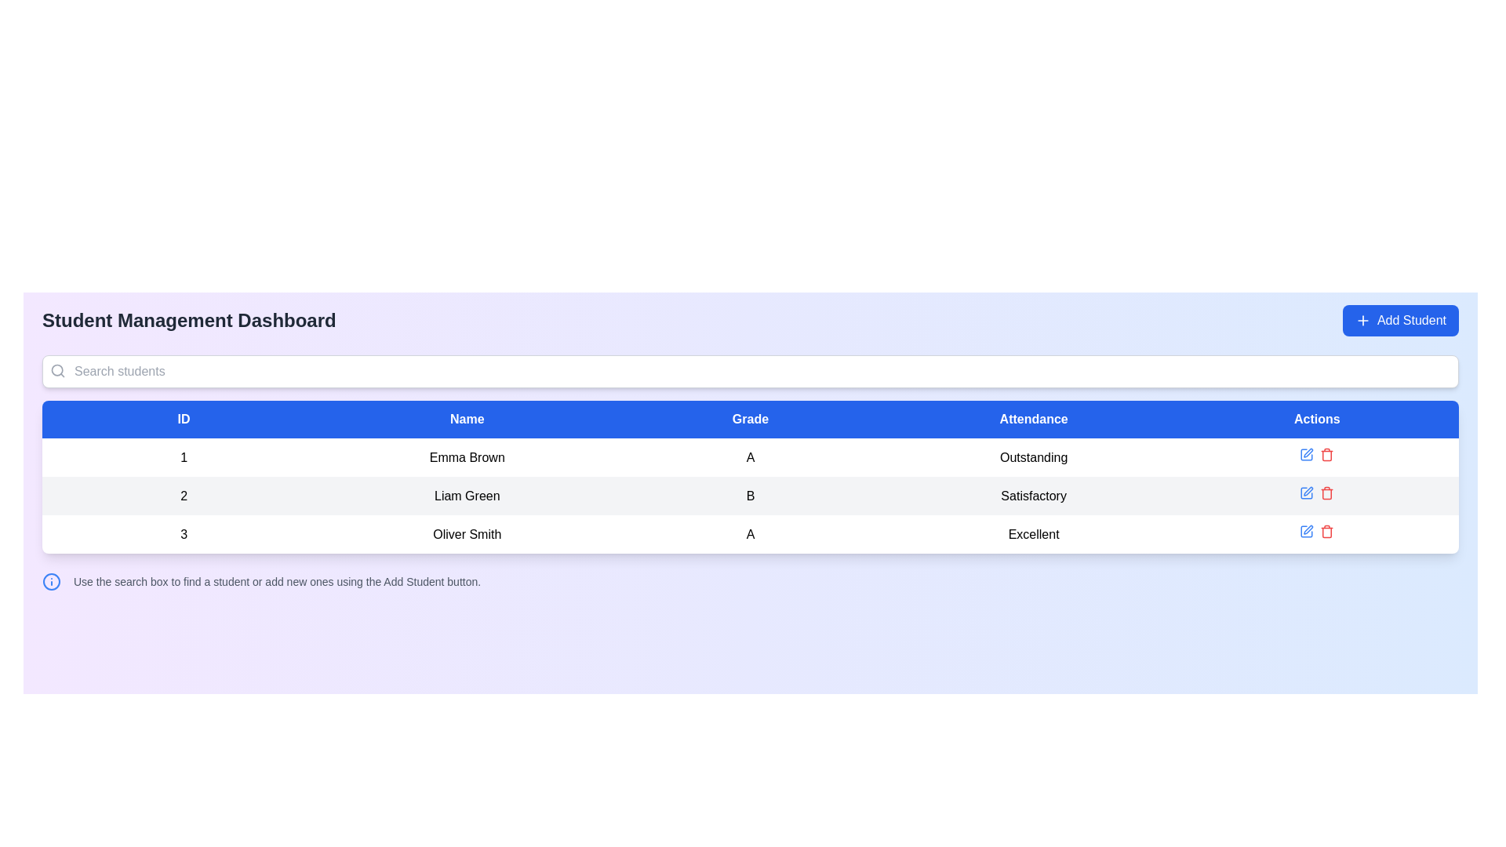  Describe the element at coordinates (1308, 490) in the screenshot. I see `the SVG edit icon (pencil icon) in the Actions column of the second row corresponding to the student named 'Liam Green'` at that location.